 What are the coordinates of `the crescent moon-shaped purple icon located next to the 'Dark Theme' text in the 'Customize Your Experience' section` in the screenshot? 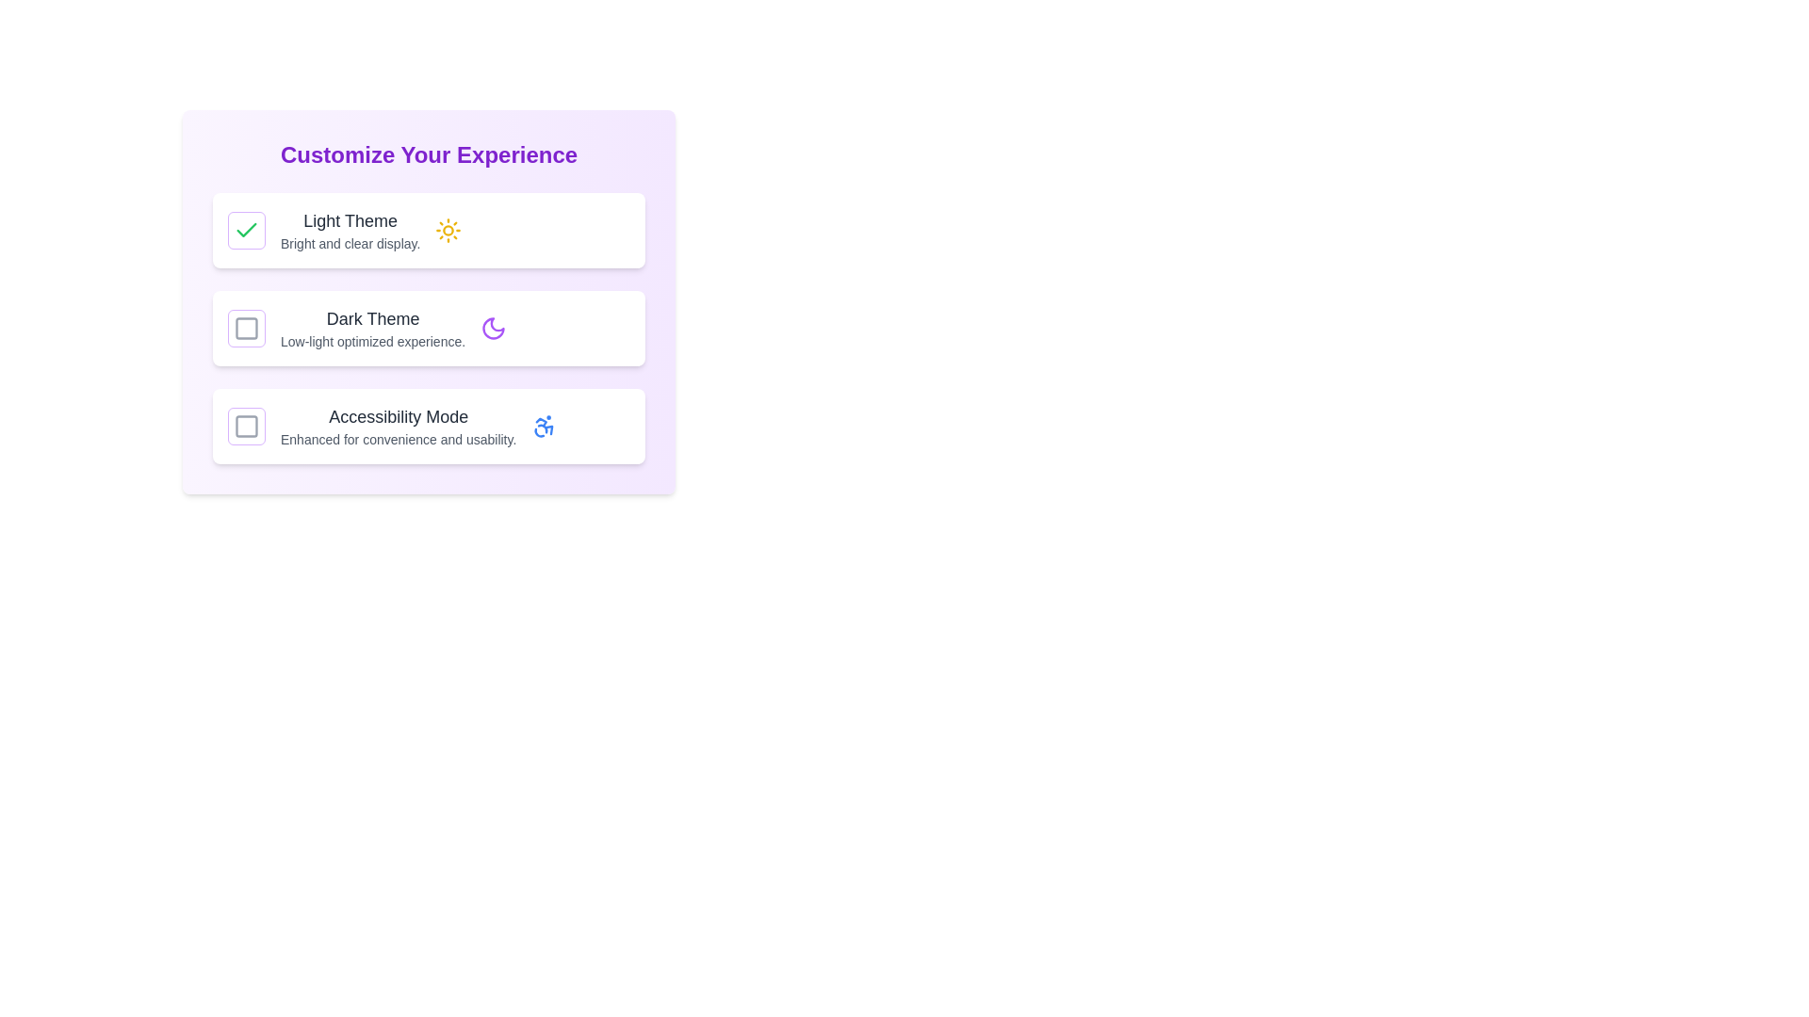 It's located at (494, 327).